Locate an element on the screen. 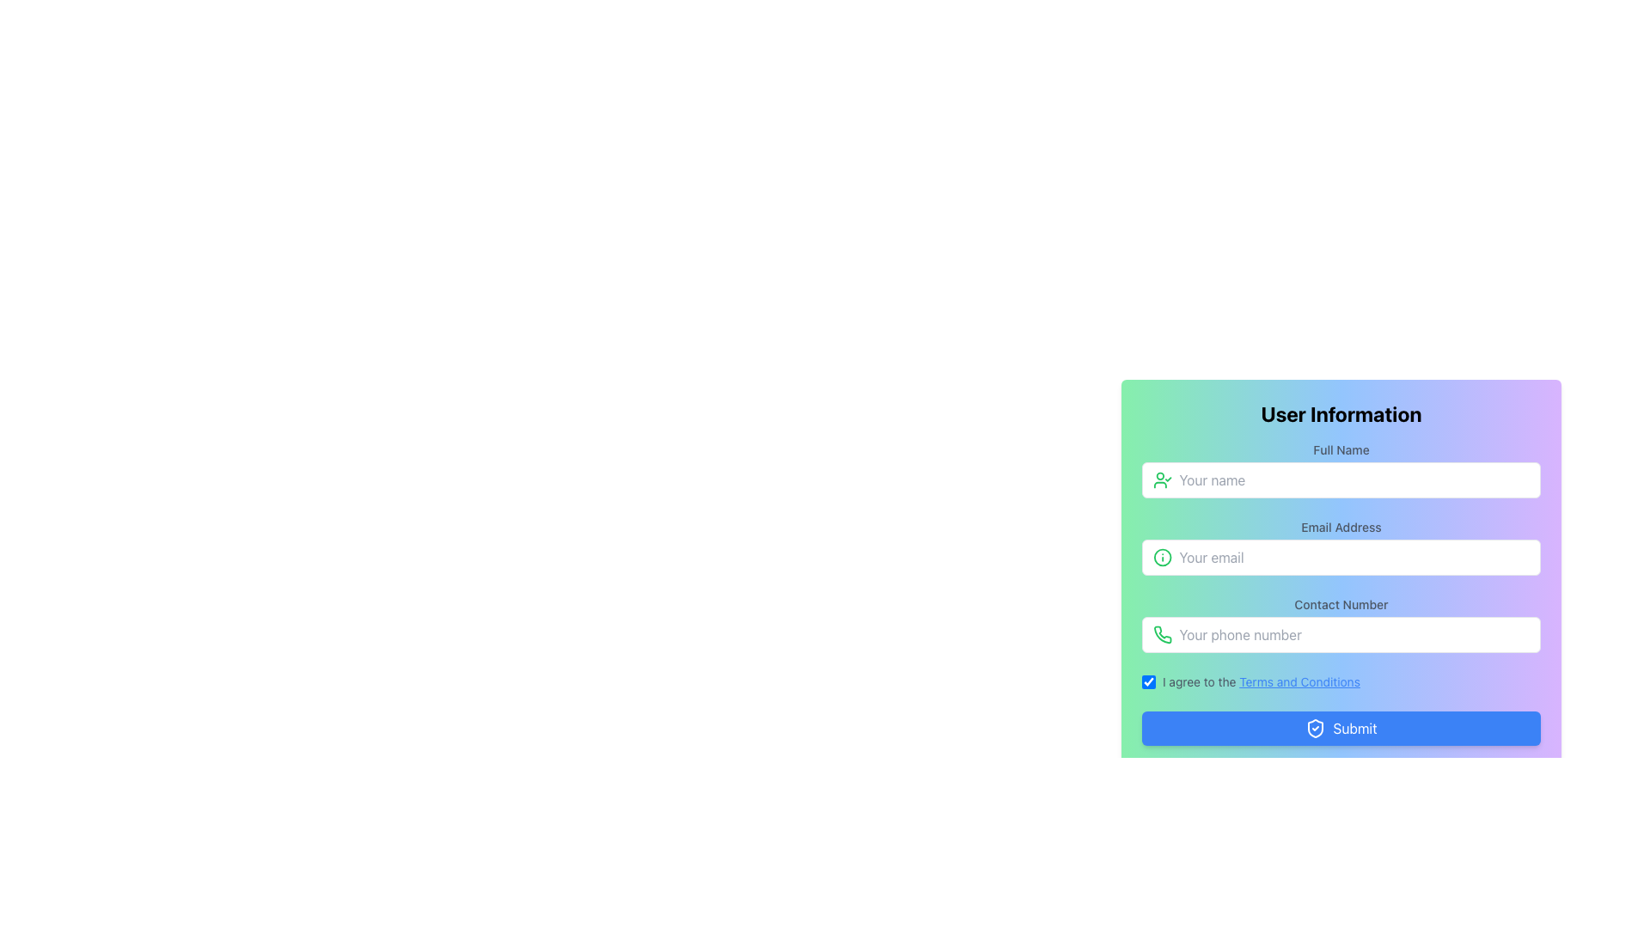  the info icon in the 'Email Address' input field for additional information is located at coordinates (1340, 546).